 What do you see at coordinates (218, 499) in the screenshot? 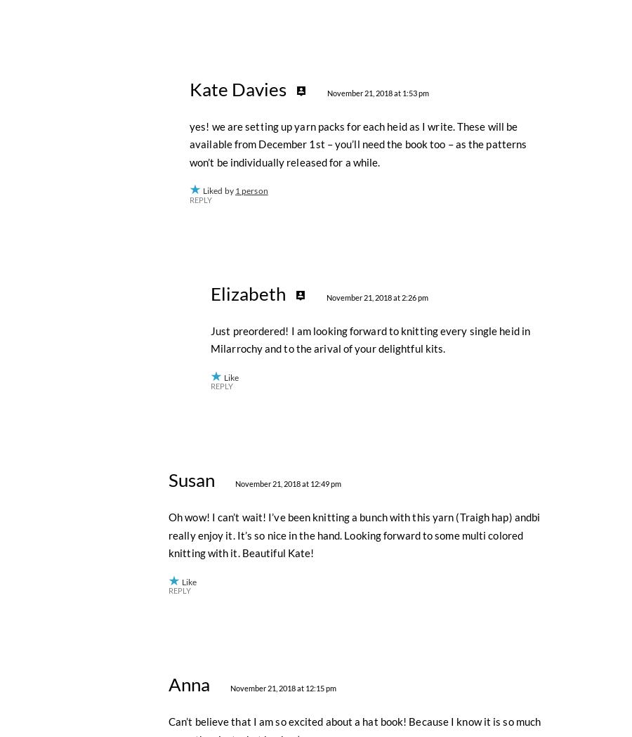
I see `'Liked by'` at bounding box center [218, 499].